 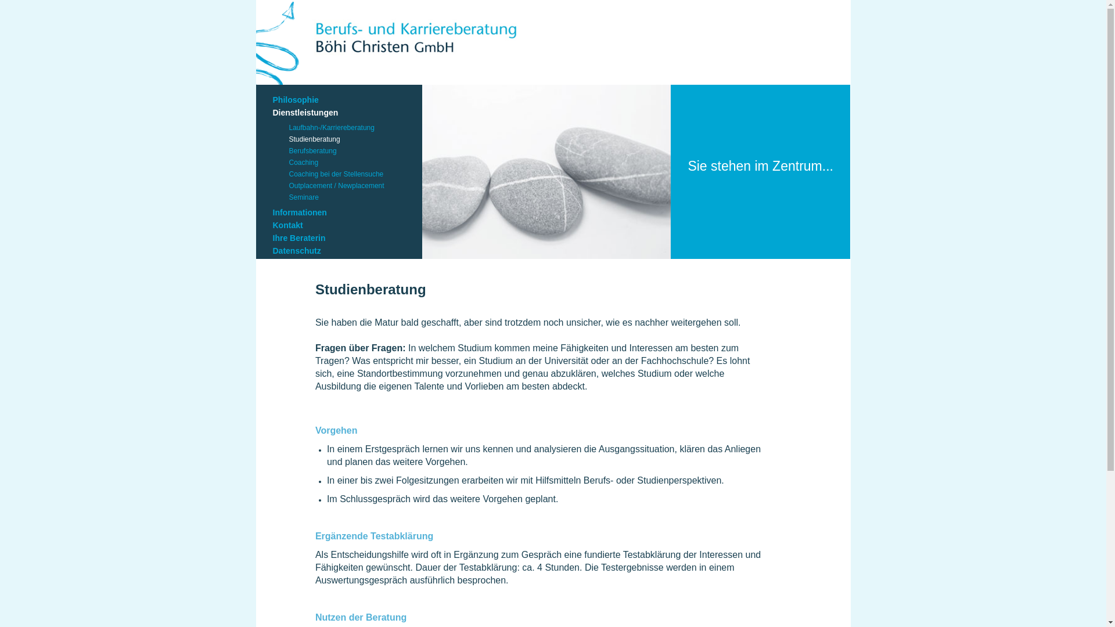 What do you see at coordinates (339, 99) in the screenshot?
I see `'Philosophie'` at bounding box center [339, 99].